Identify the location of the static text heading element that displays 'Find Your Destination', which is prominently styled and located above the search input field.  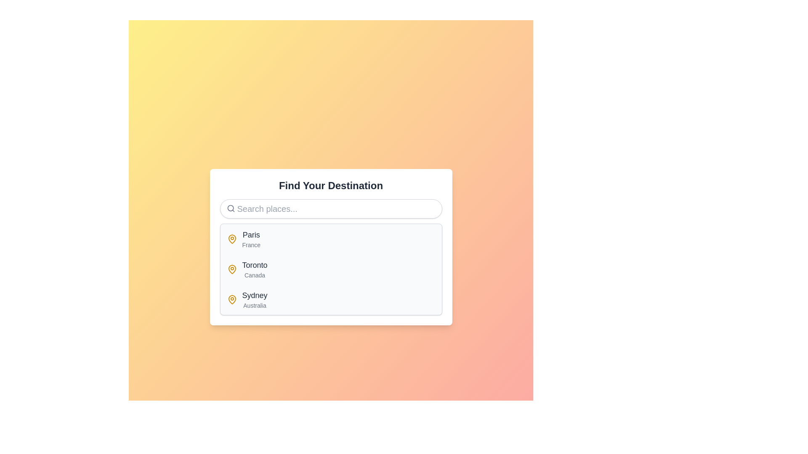
(330, 185).